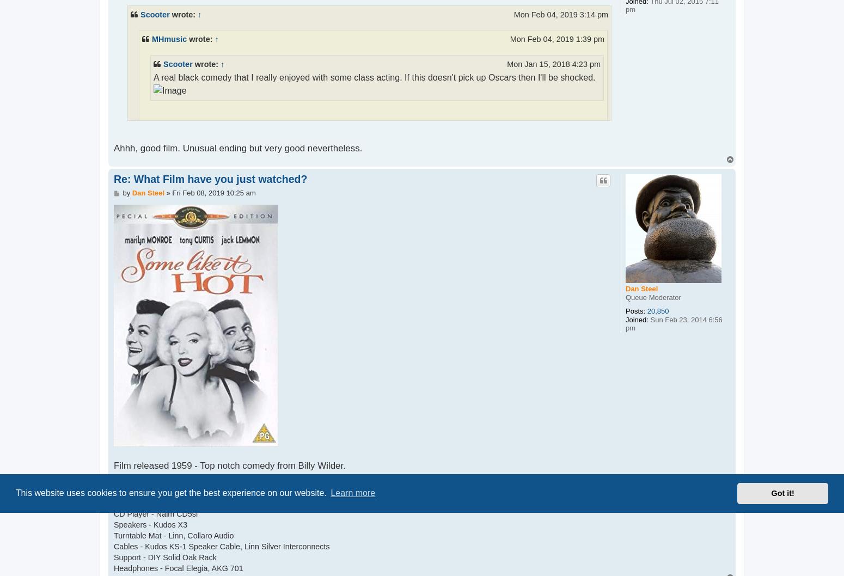 The height and width of the screenshot is (576, 844). I want to click on 'MHmusic', so click(152, 39).